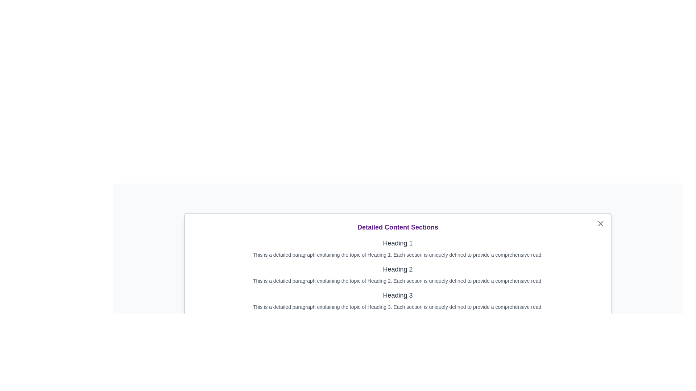  Describe the element at coordinates (600, 223) in the screenshot. I see `the close button at the top-right corner of the dialog to close it` at that location.